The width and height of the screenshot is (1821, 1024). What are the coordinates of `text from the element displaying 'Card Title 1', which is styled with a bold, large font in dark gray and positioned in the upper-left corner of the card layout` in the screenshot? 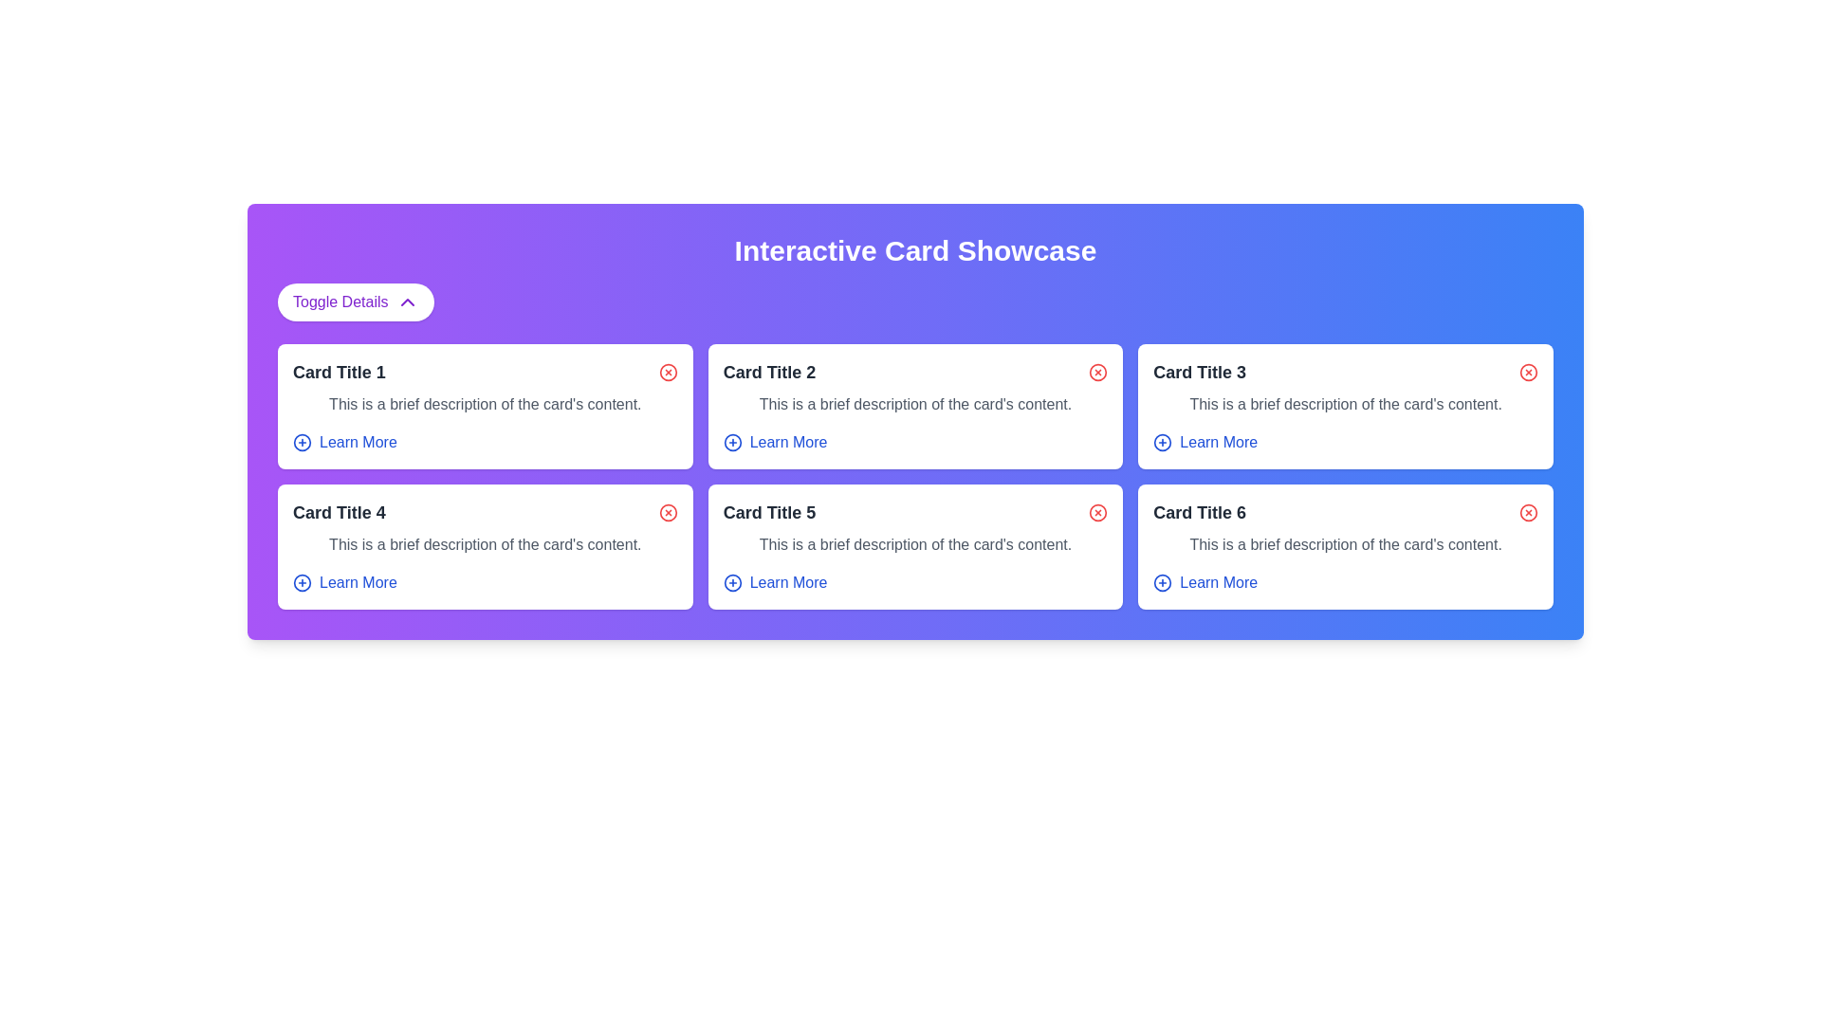 It's located at (339, 373).